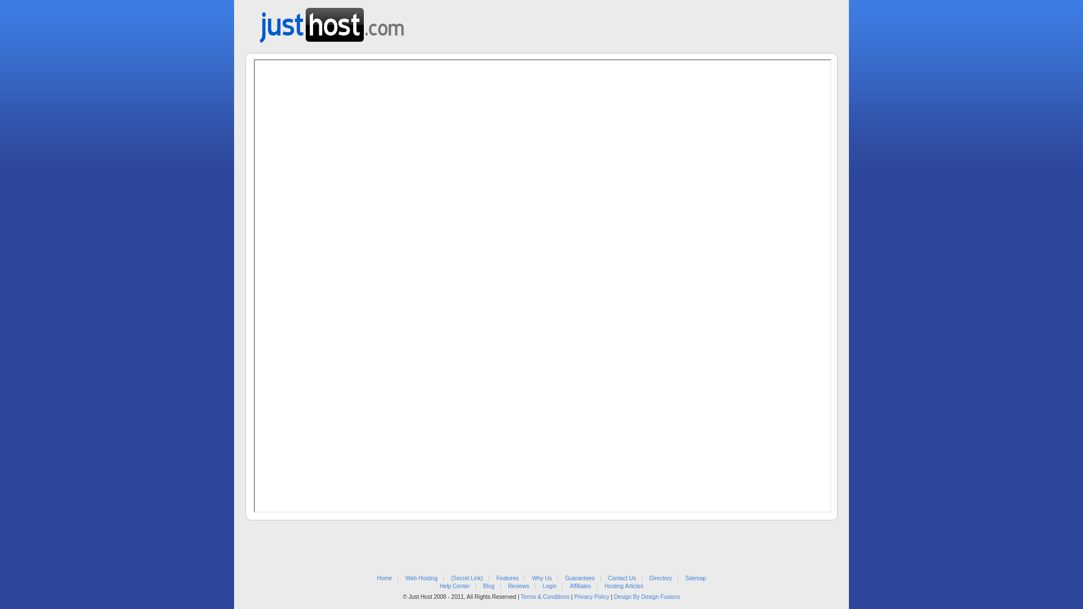  What do you see at coordinates (438, 585) in the screenshot?
I see `'Help Center'` at bounding box center [438, 585].